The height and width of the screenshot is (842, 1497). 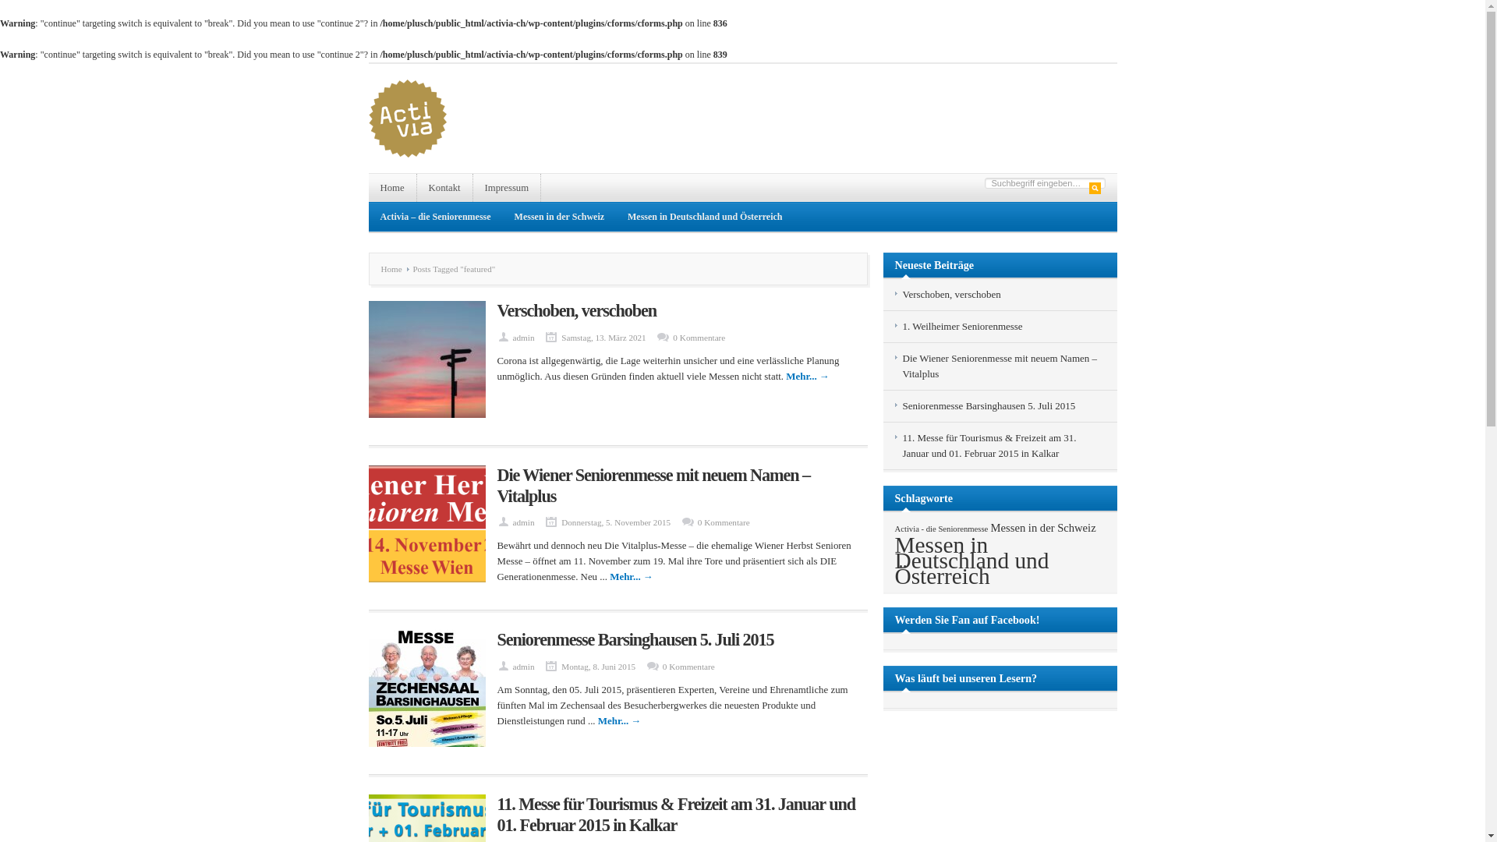 I want to click on 'Home', so click(x=395, y=267).